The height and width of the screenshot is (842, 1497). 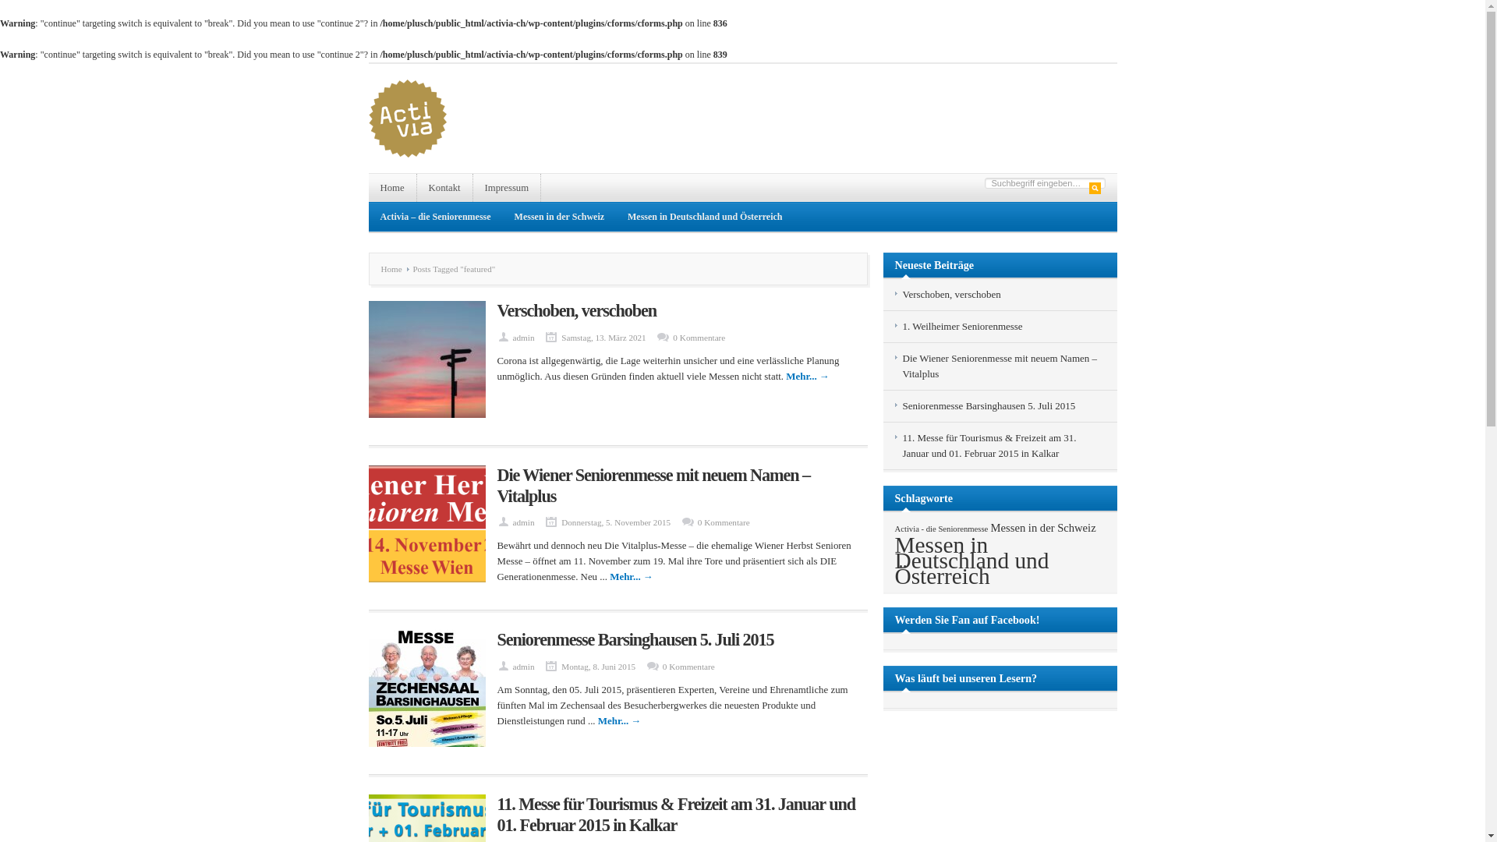 I want to click on 'Home', so click(x=395, y=267).